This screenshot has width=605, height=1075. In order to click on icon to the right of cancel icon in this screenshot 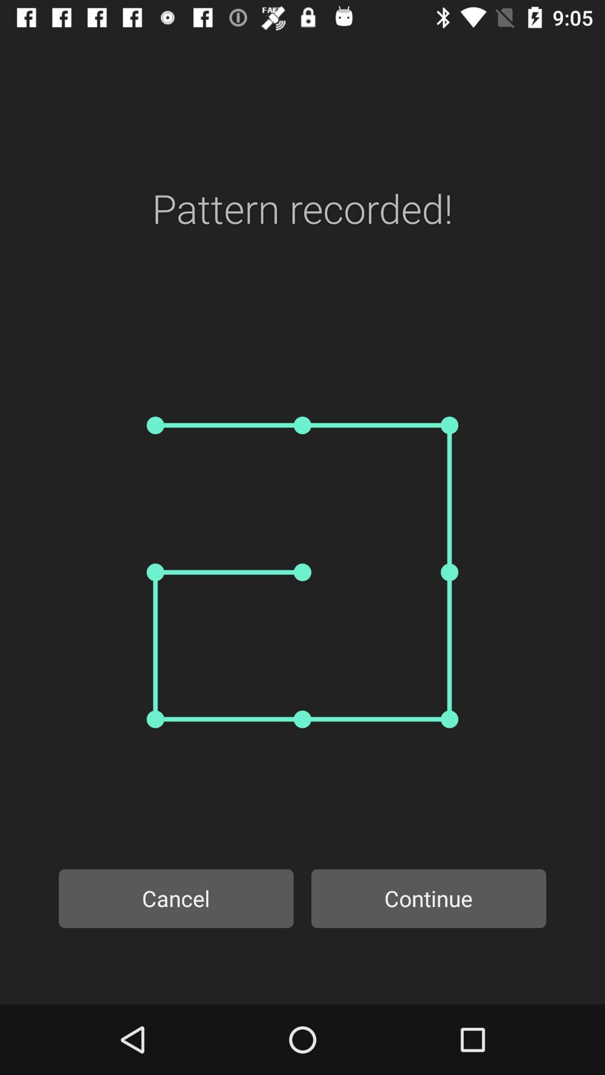, I will do `click(429, 898)`.